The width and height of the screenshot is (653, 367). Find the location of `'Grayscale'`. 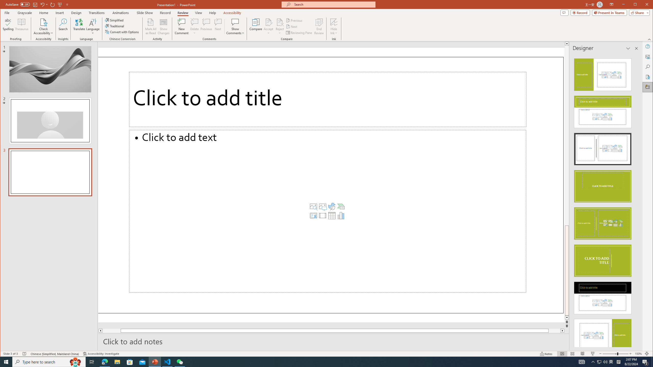

'Grayscale' is located at coordinates (25, 12).